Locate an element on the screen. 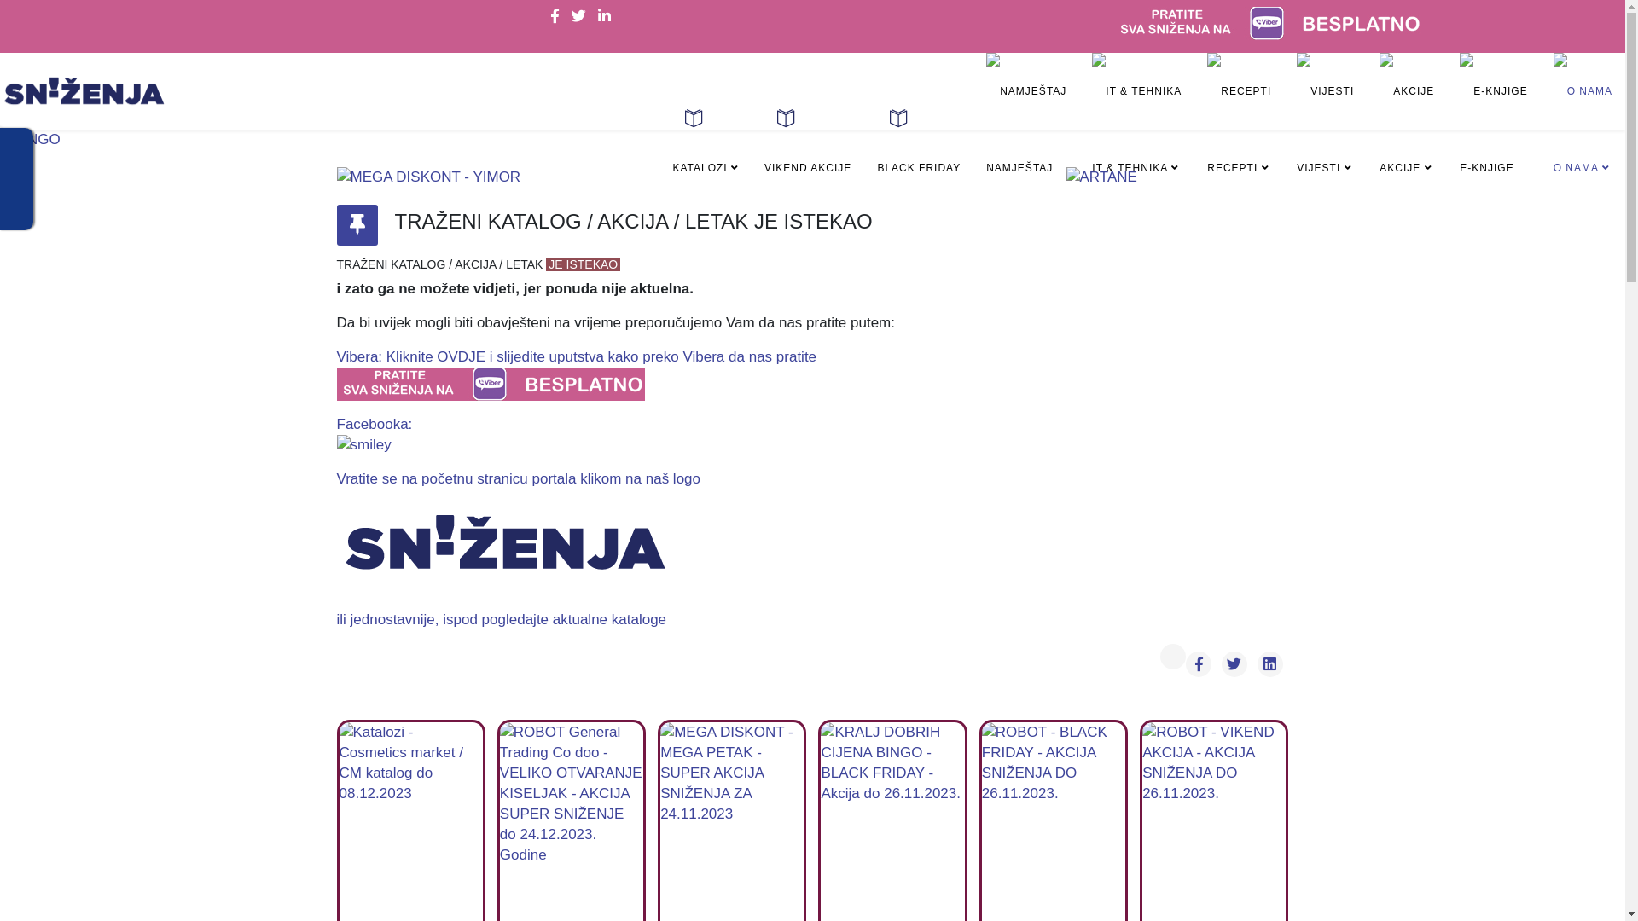  'KATALOZI' is located at coordinates (705, 155).